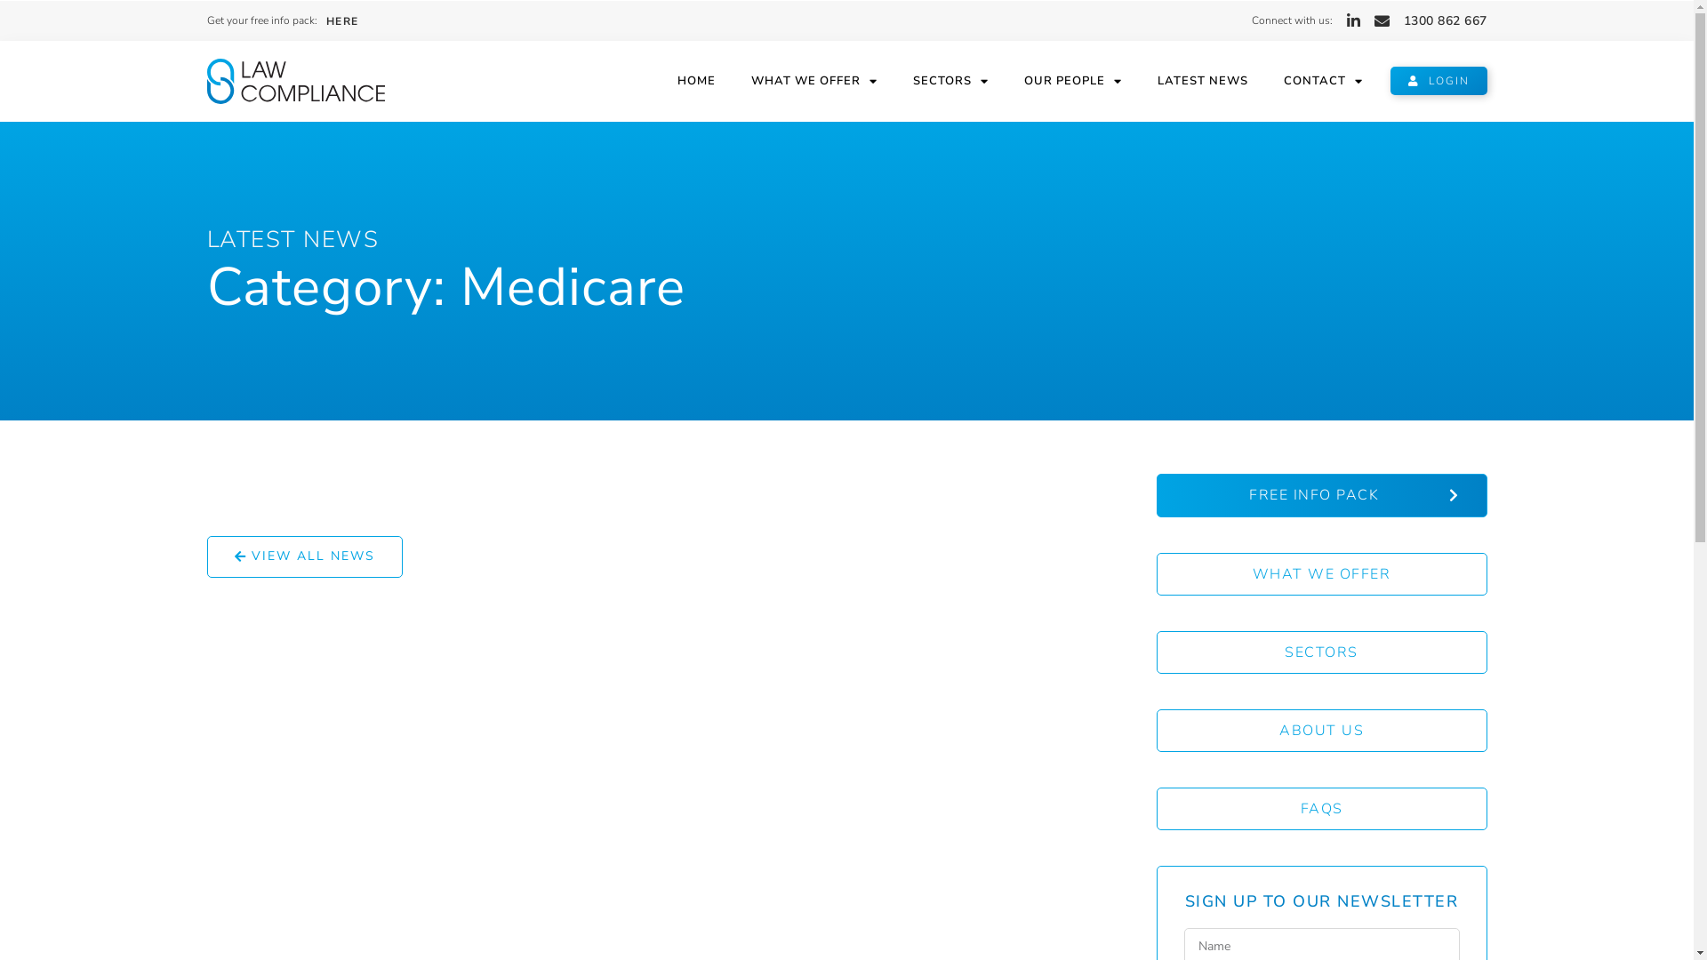 The width and height of the screenshot is (1707, 960). I want to click on 'LOGIN', so click(1439, 81).